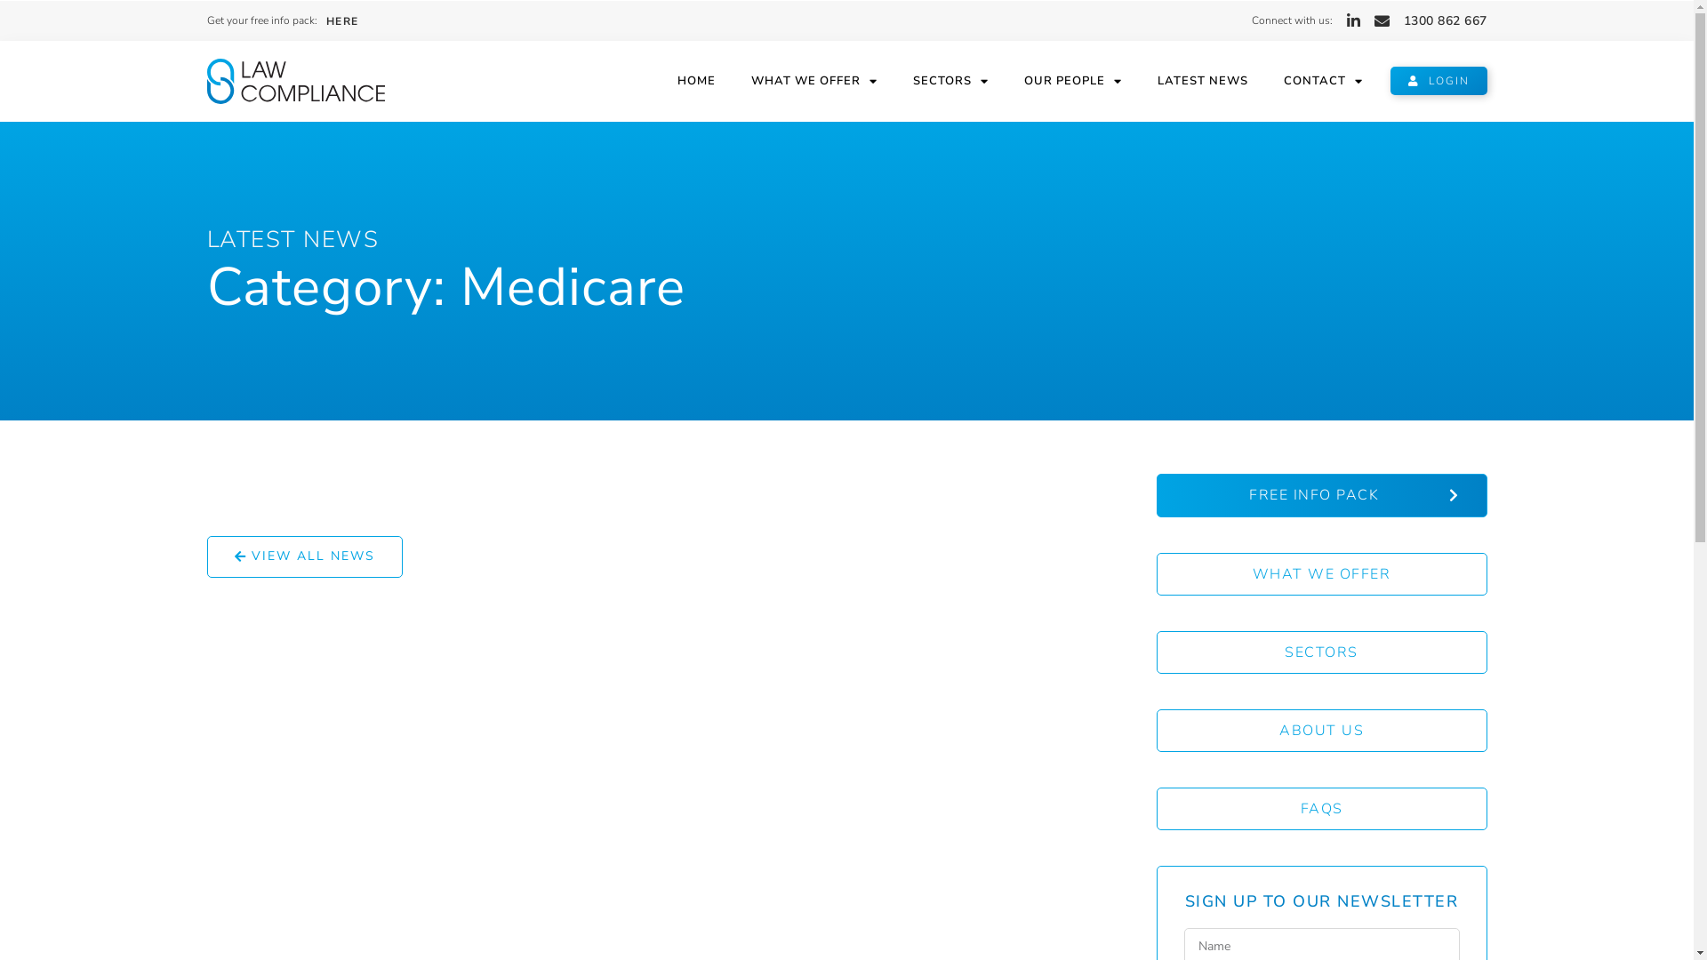 The width and height of the screenshot is (1707, 960). I want to click on 'LOGIN', so click(1439, 81).